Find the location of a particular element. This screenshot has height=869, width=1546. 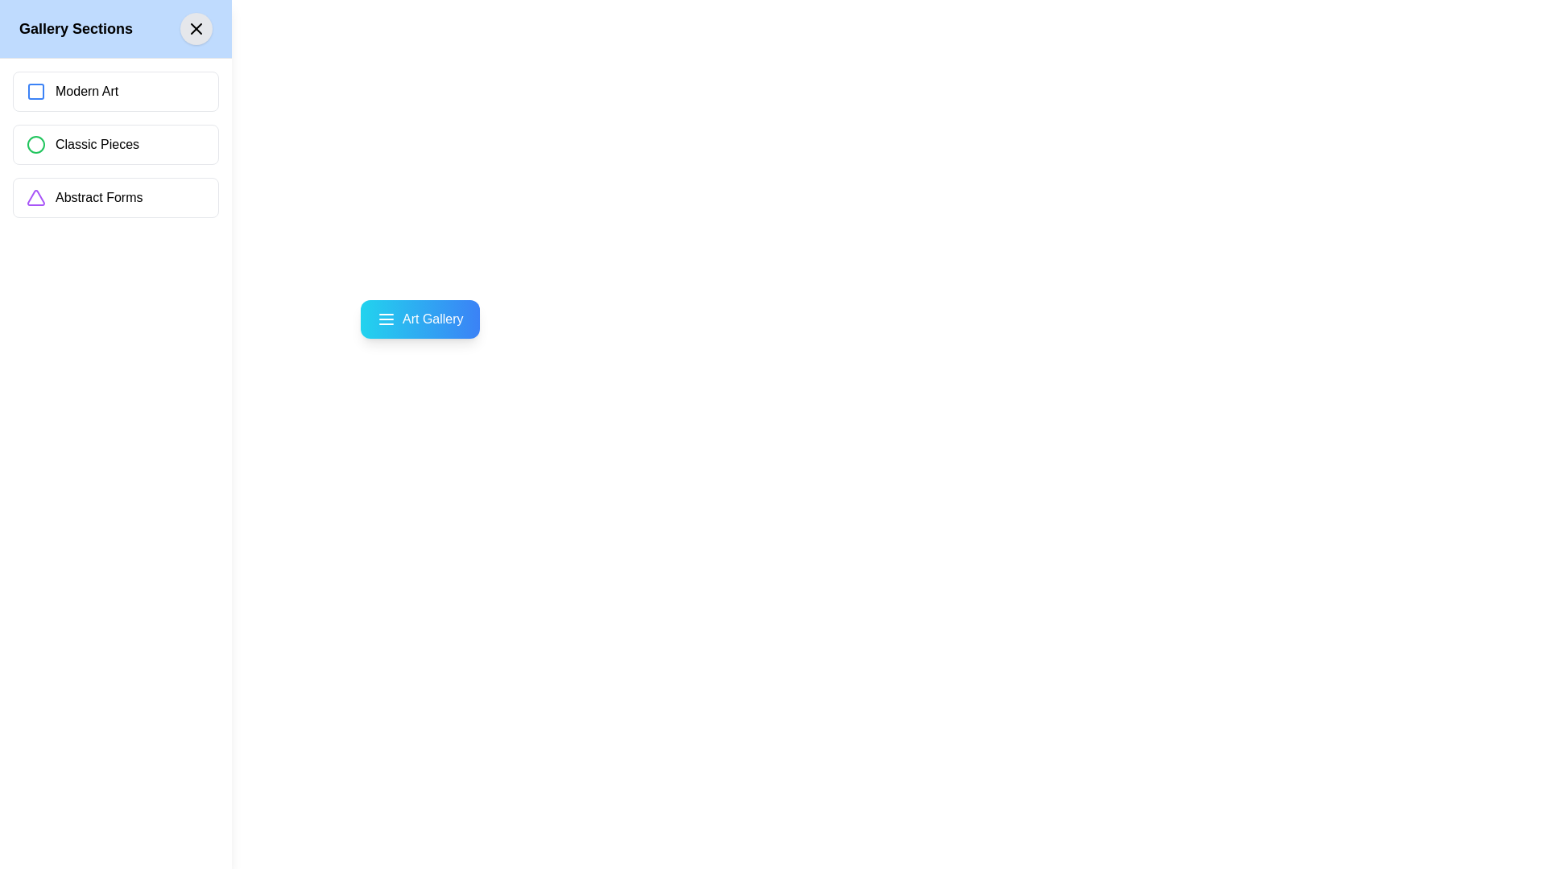

the gallery section Modern Art by clicking on its respective button is located at coordinates (115, 92).